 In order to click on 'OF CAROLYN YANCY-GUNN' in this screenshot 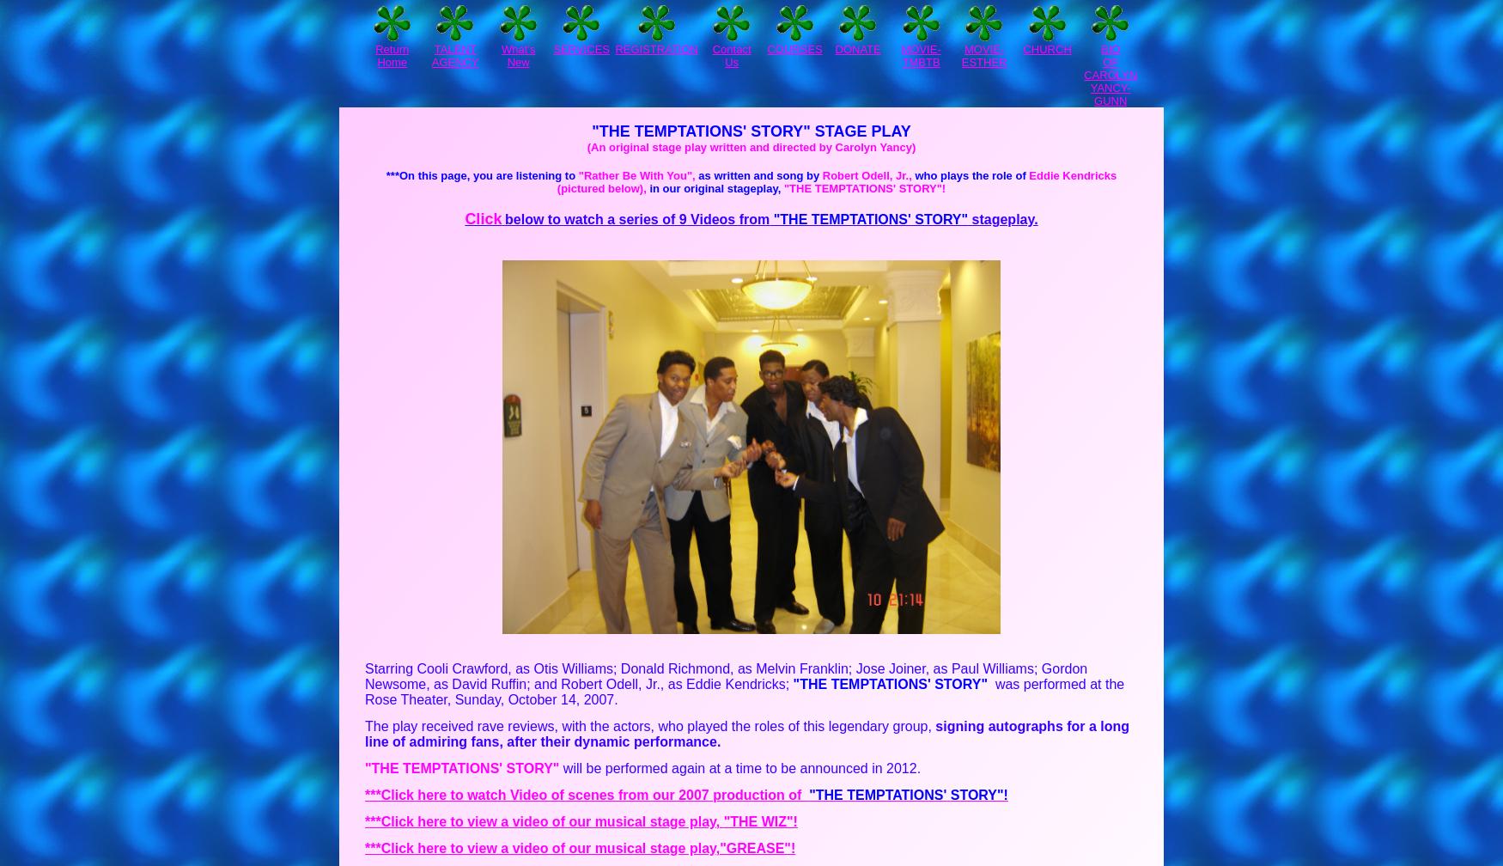, I will do `click(1110, 81)`.